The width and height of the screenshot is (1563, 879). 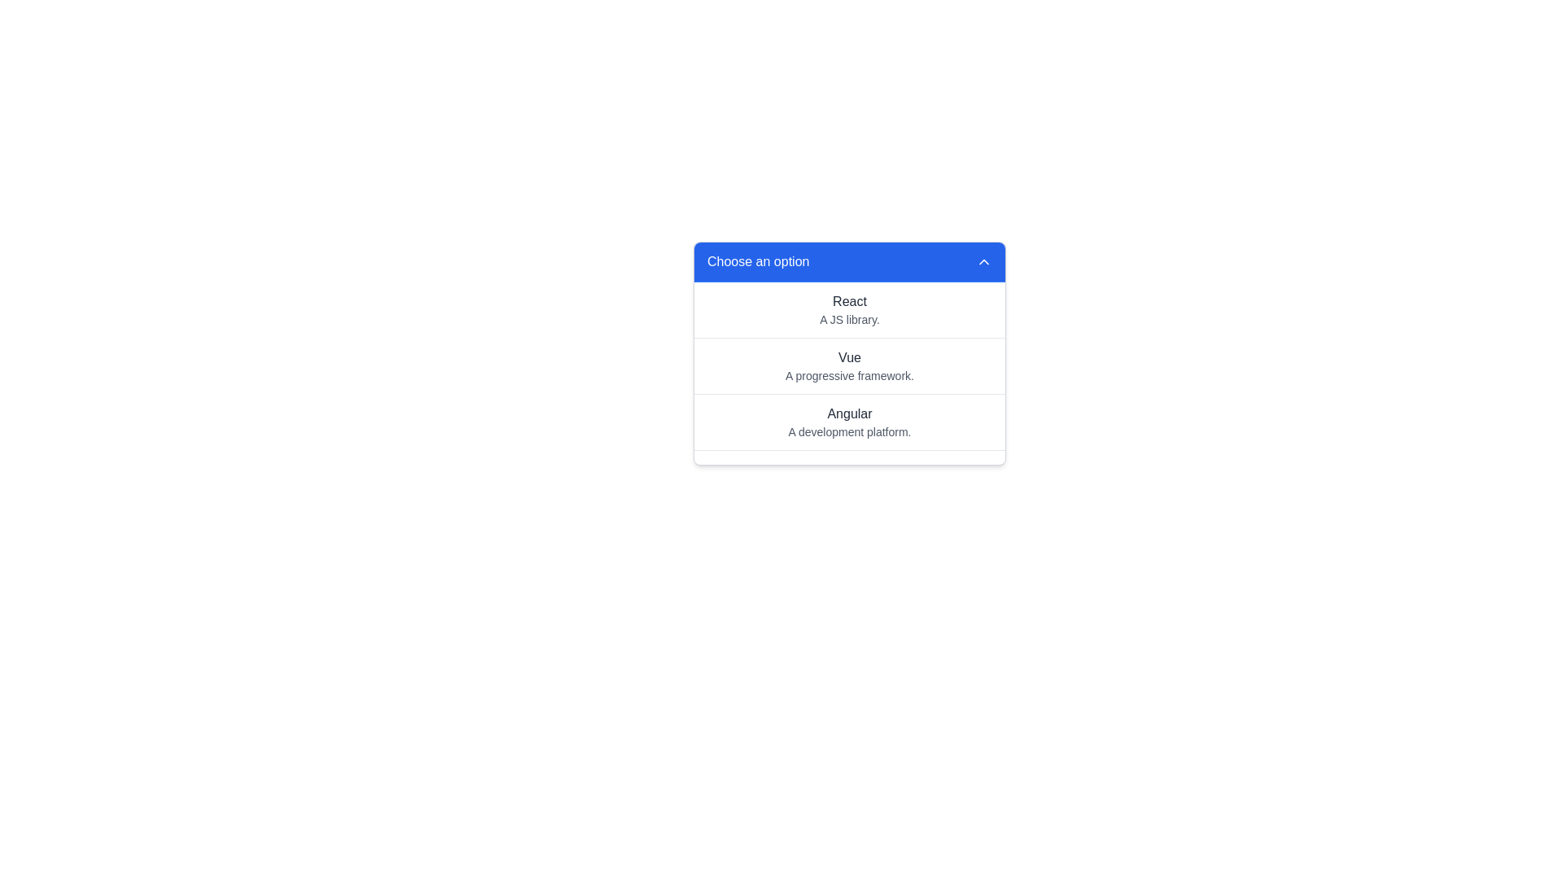 What do you see at coordinates (983, 260) in the screenshot?
I see `the small upward-pointing arrow icon located at the far right of the blue bar labeled 'Choose an option'` at bounding box center [983, 260].